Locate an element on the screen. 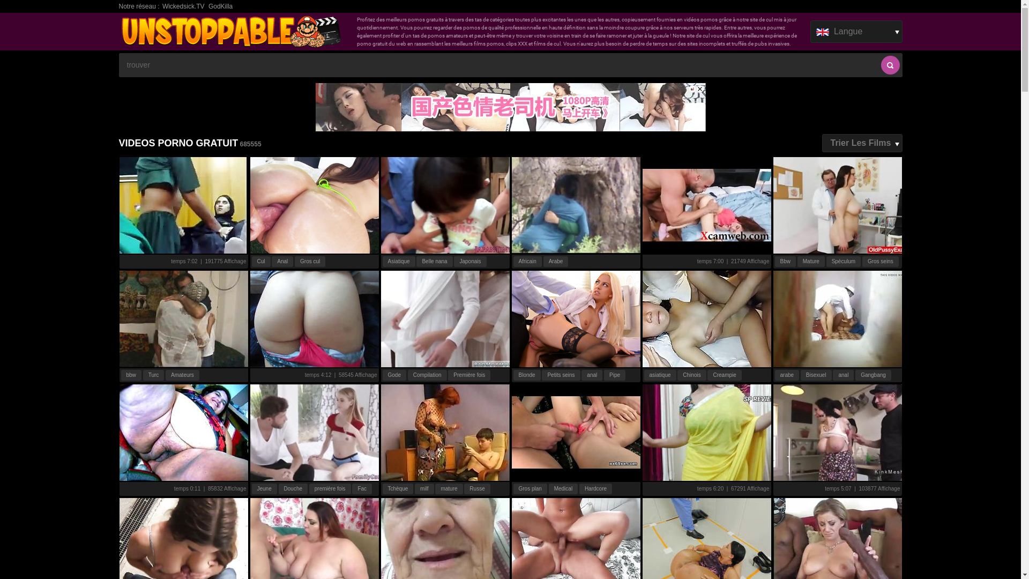 This screenshot has height=579, width=1029. 'Bbw' is located at coordinates (785, 262).